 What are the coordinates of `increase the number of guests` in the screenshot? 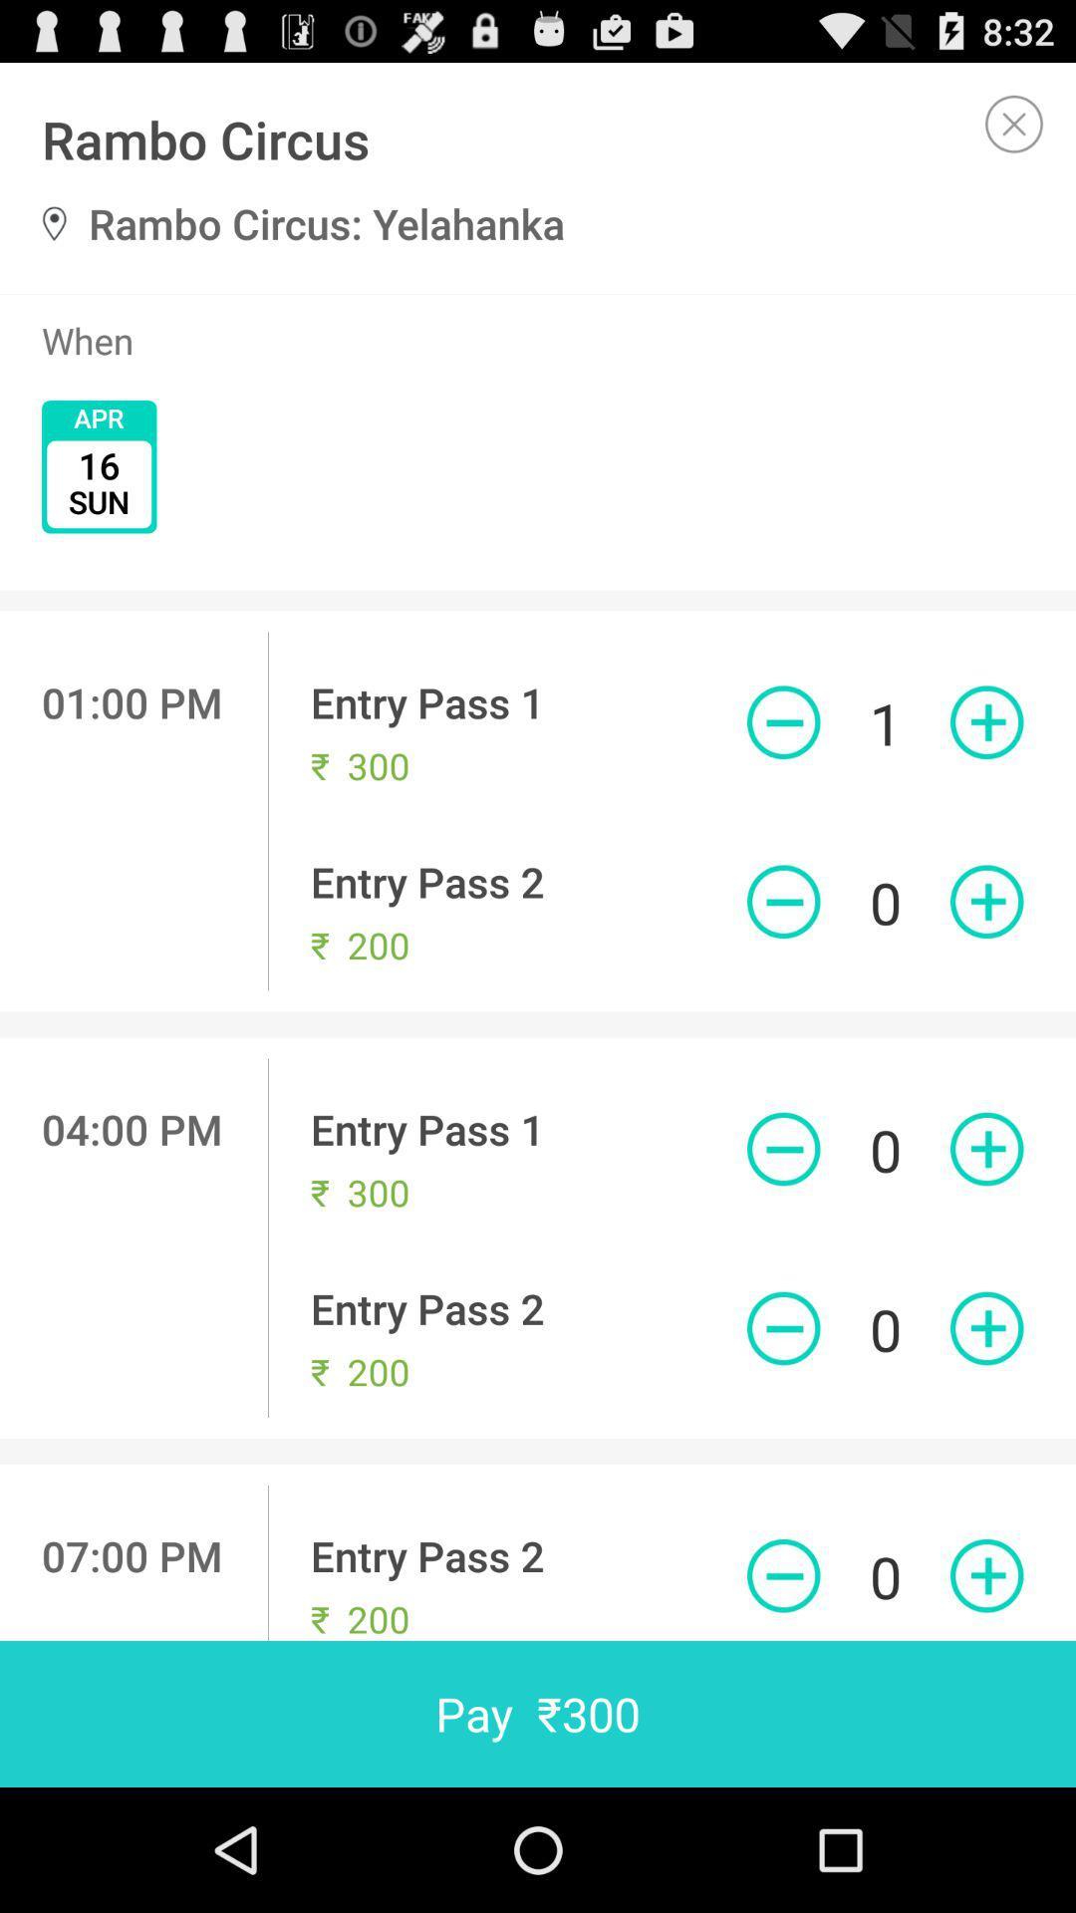 It's located at (986, 1328).